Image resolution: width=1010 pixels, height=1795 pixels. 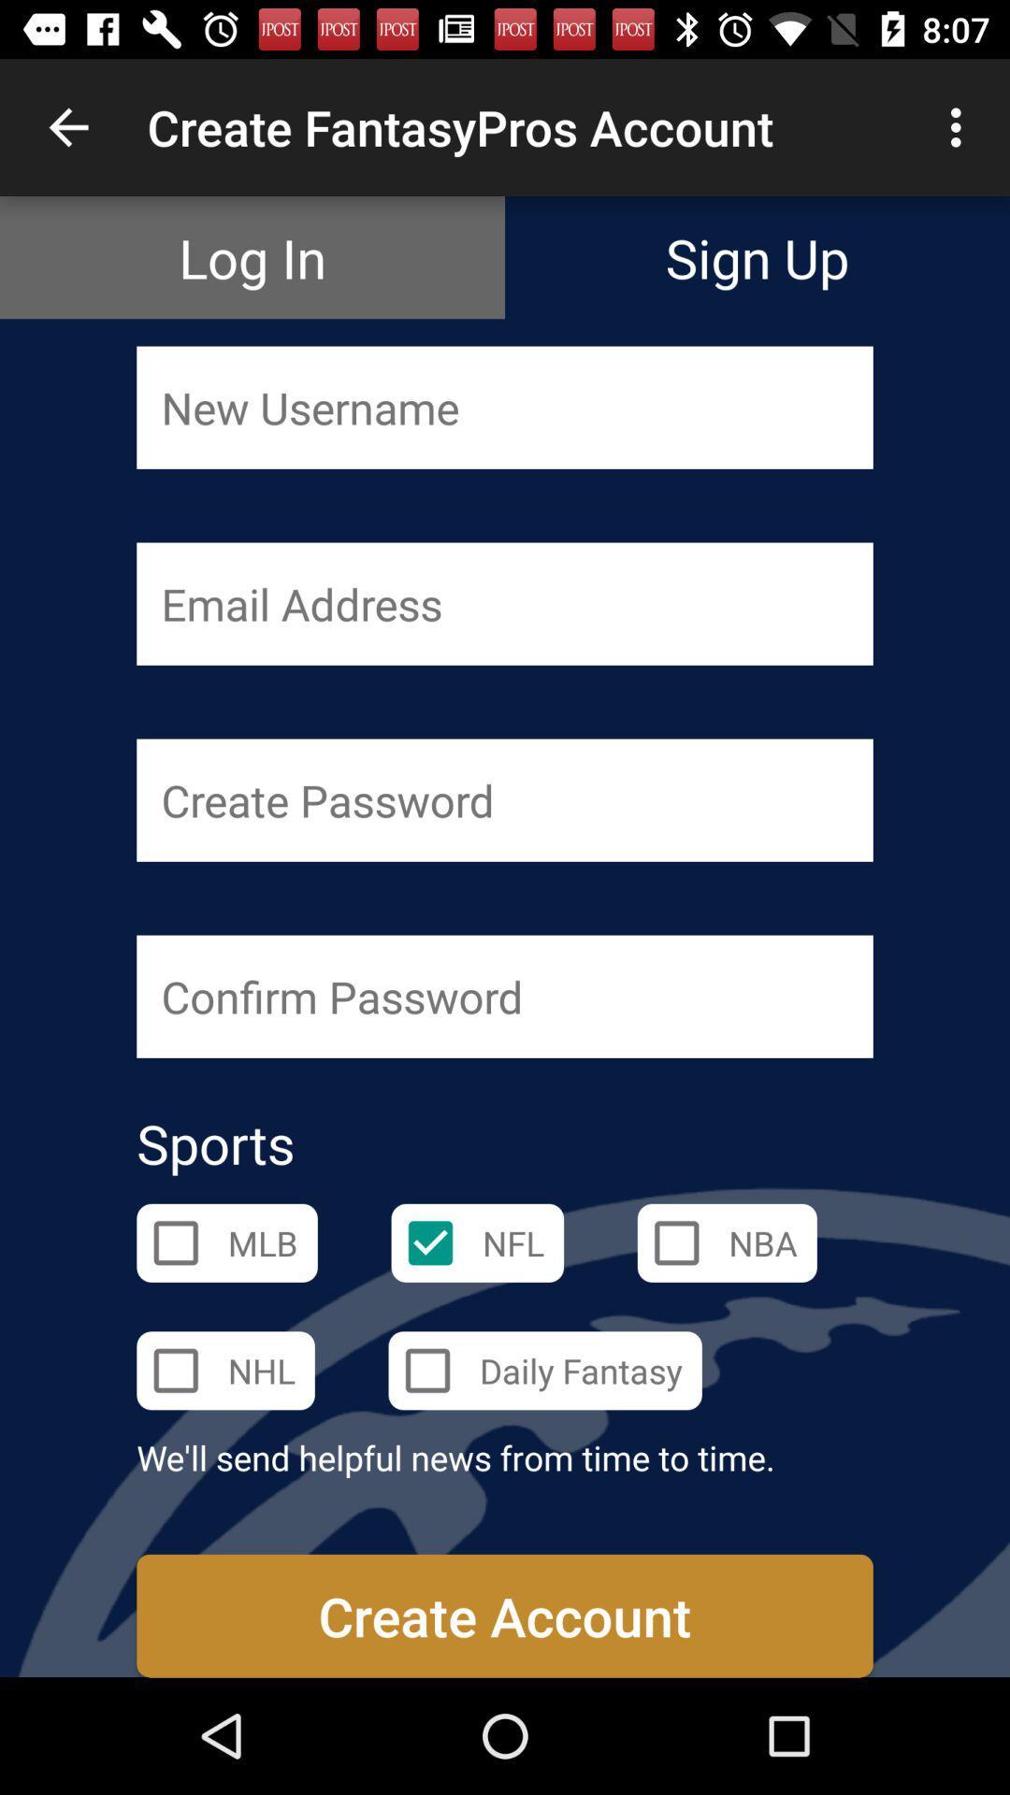 What do you see at coordinates (252, 256) in the screenshot?
I see `the log in` at bounding box center [252, 256].